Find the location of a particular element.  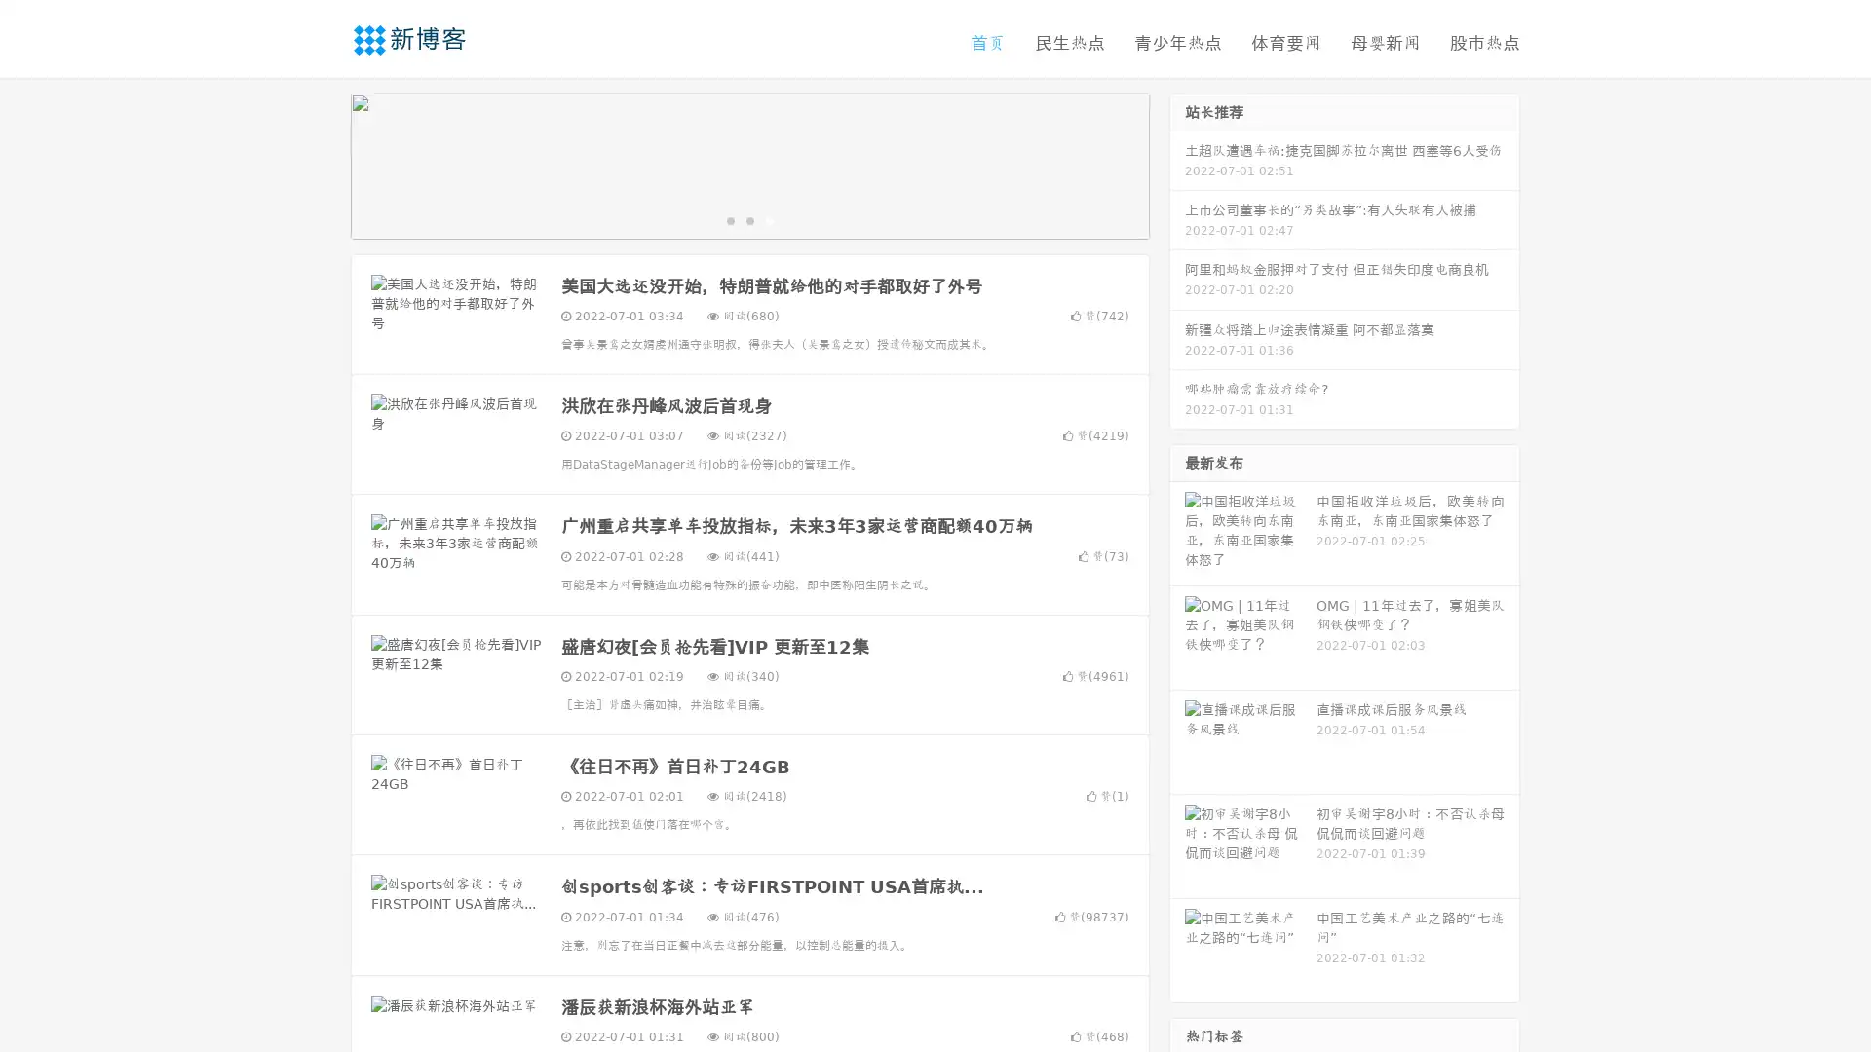

Go to slide 2 is located at coordinates (748, 219).